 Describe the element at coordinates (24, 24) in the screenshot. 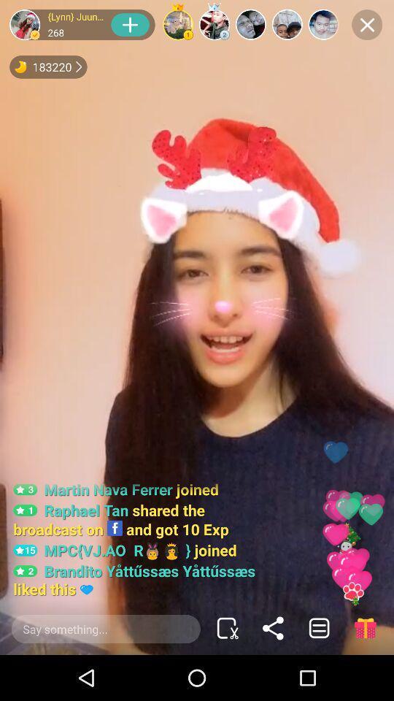

I see `the avatar icon` at that location.